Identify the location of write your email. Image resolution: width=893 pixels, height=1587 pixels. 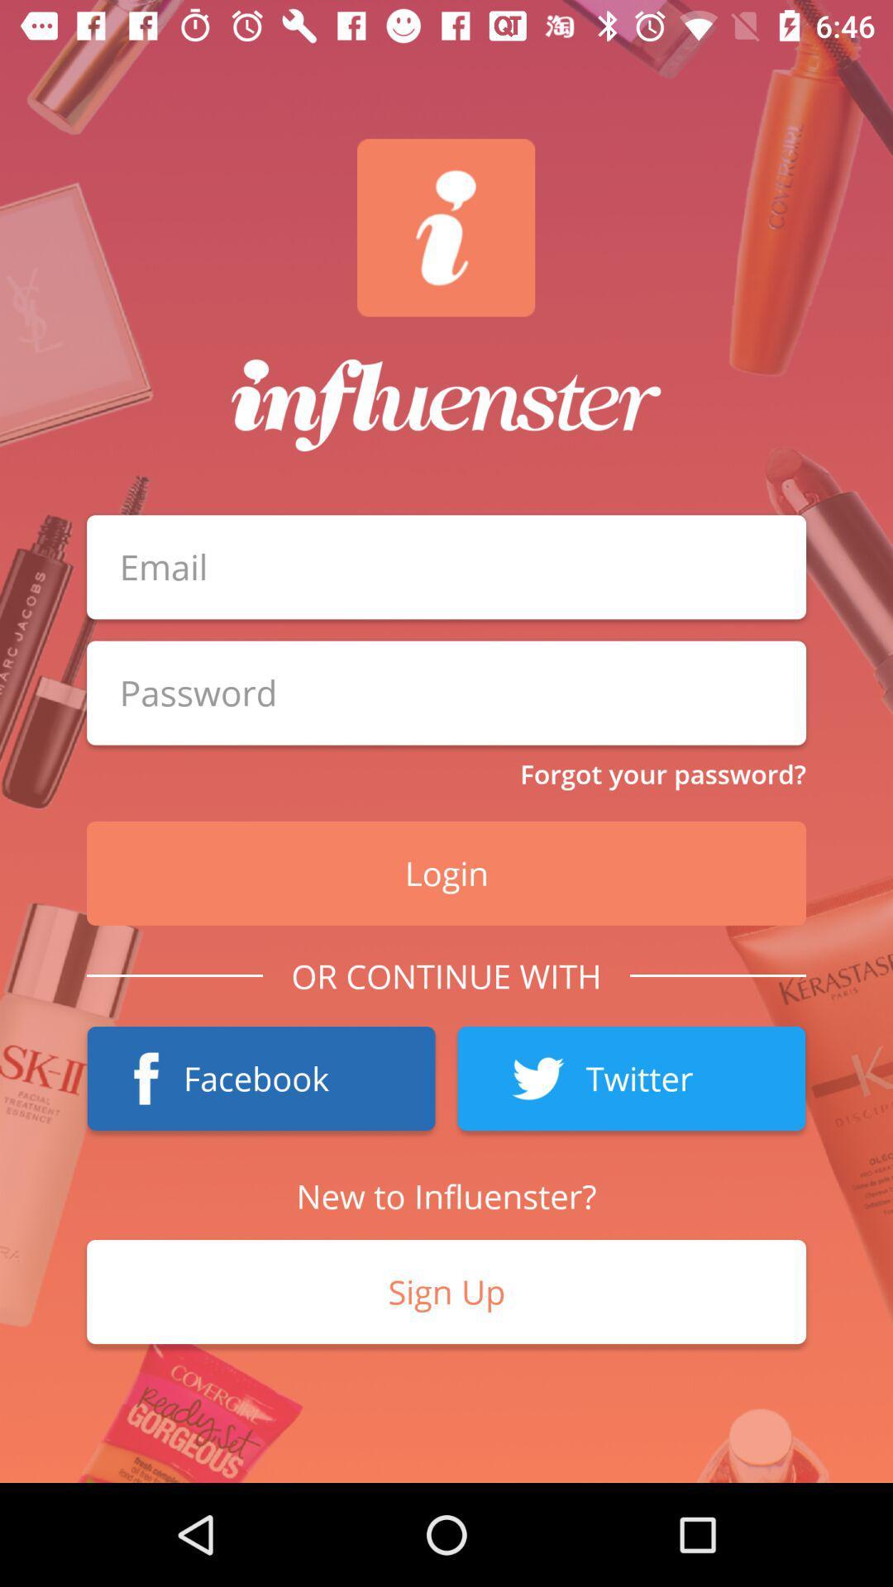
(446, 567).